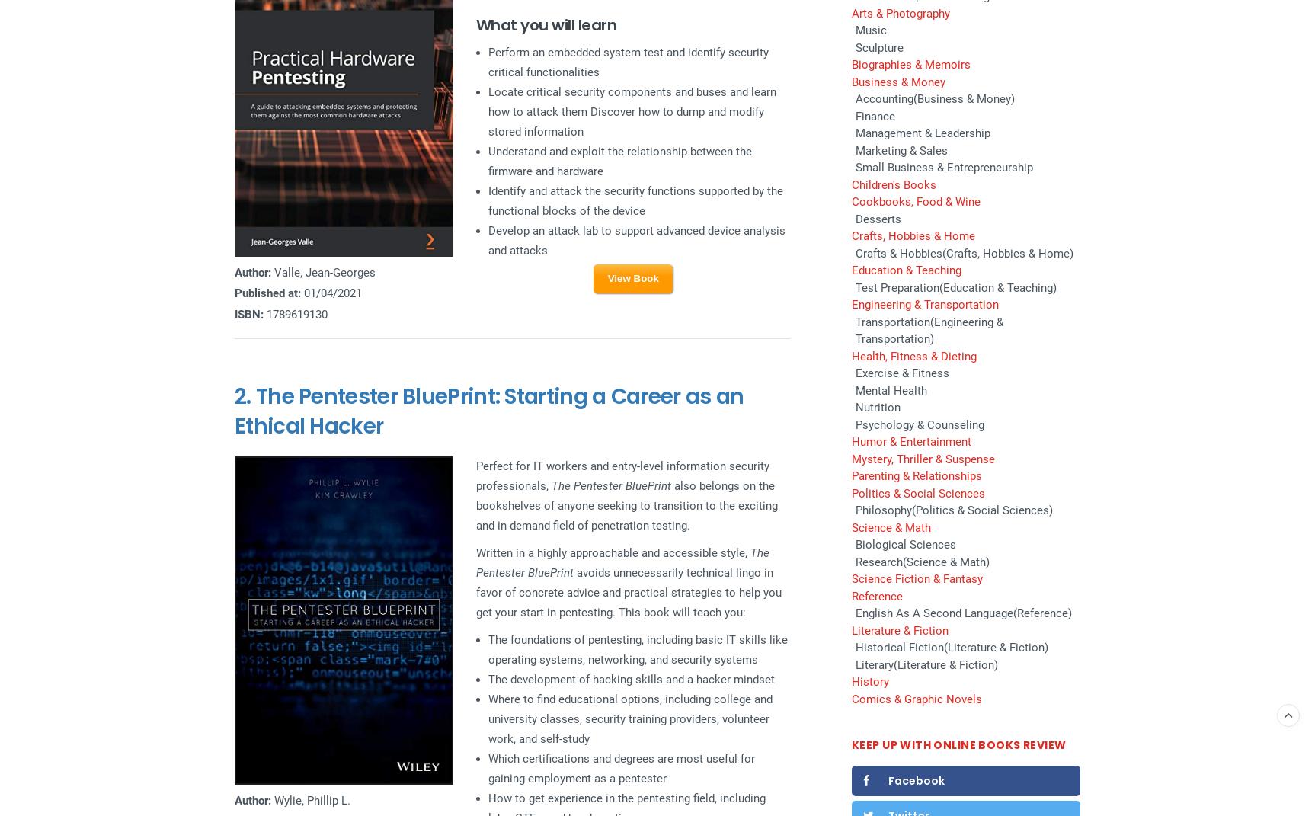  I want to click on 'The development of hacking skills and a hacker mindset', so click(629, 680).